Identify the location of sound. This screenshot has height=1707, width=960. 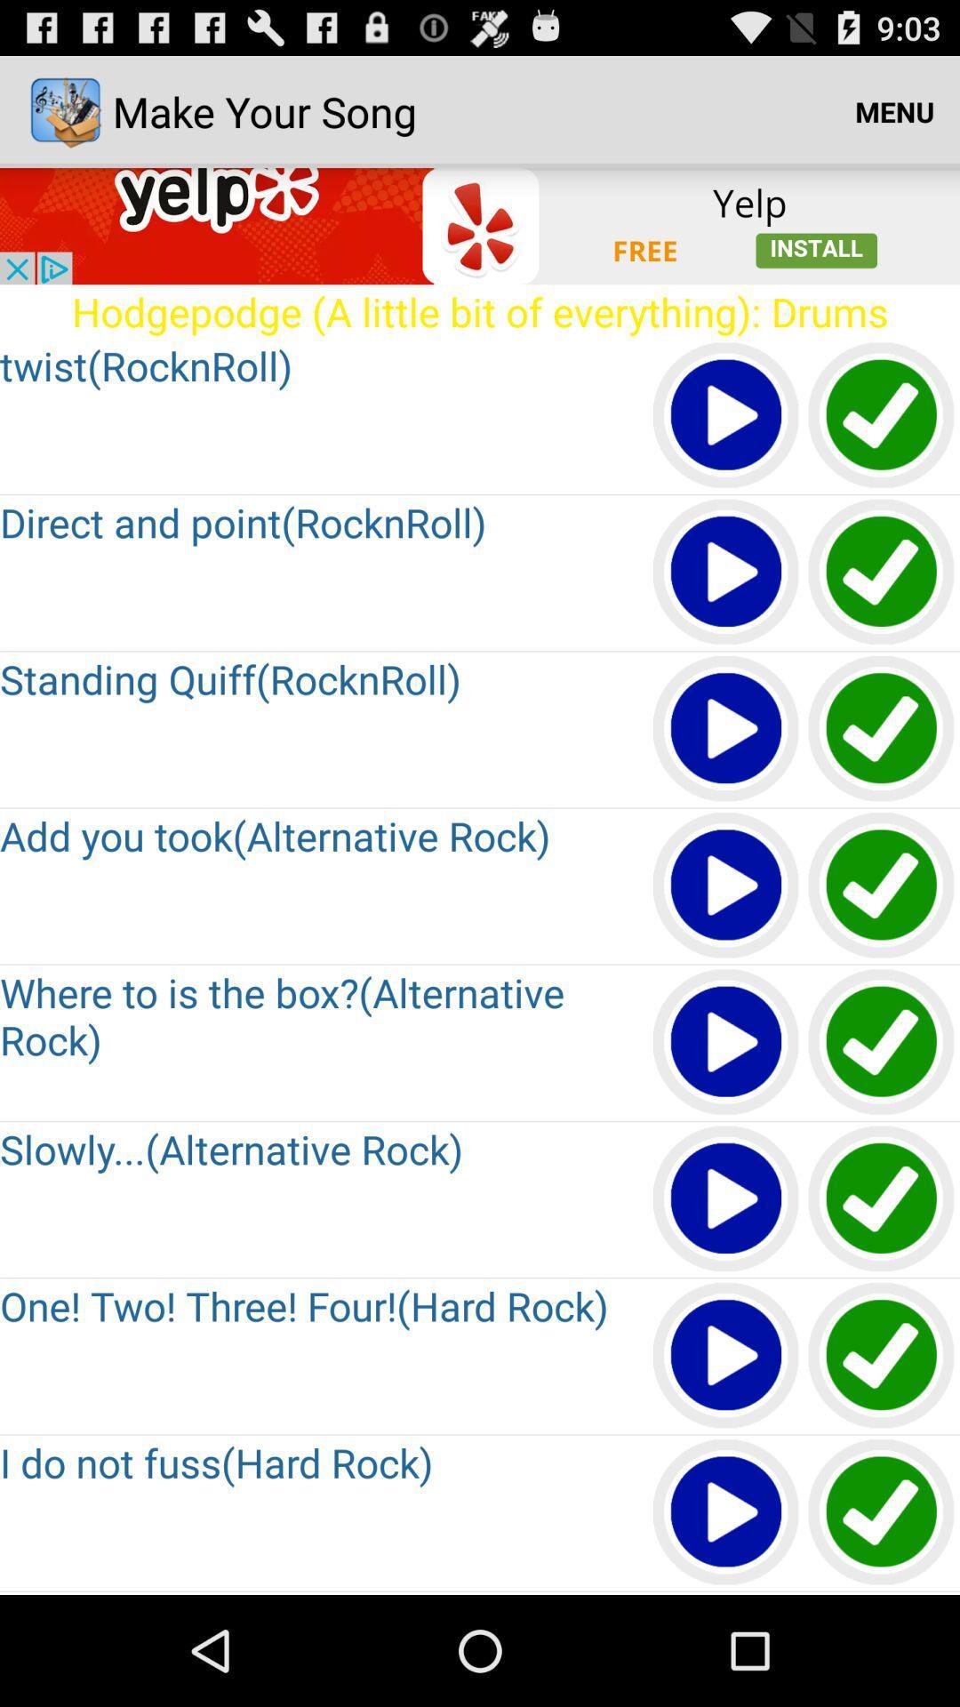
(882, 729).